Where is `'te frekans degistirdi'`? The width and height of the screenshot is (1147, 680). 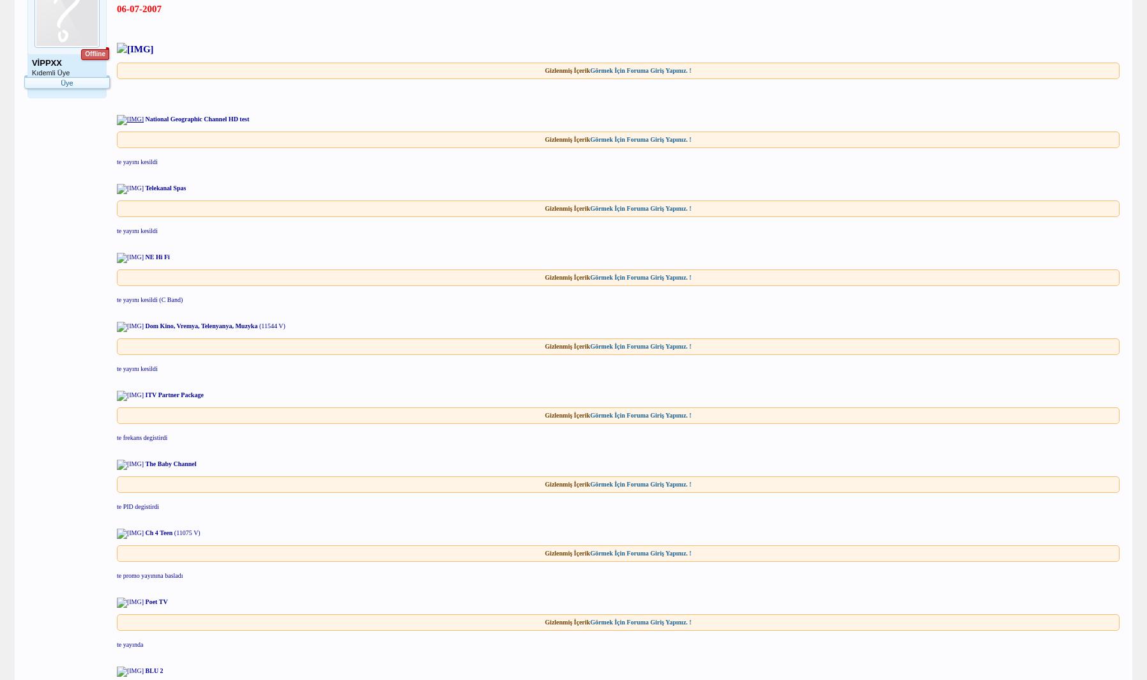
'te frekans degistirdi' is located at coordinates (115, 437).